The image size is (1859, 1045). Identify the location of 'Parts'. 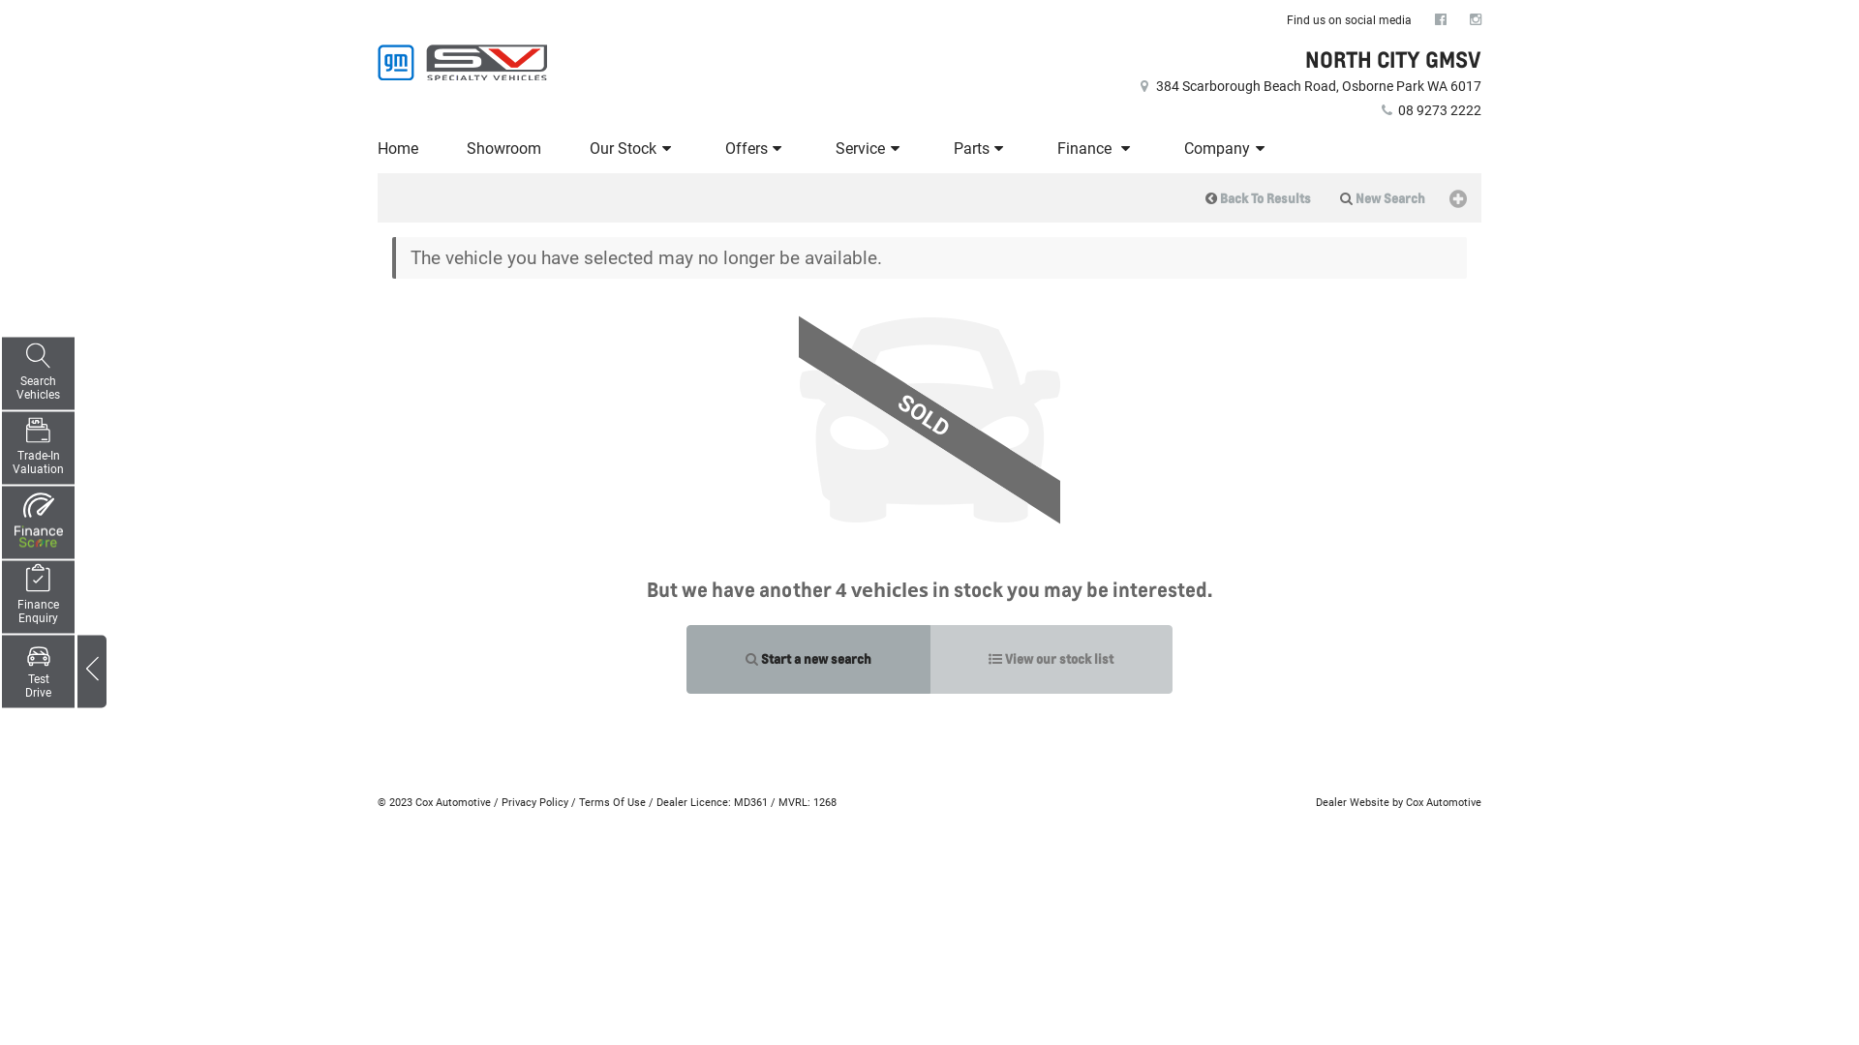
(981, 148).